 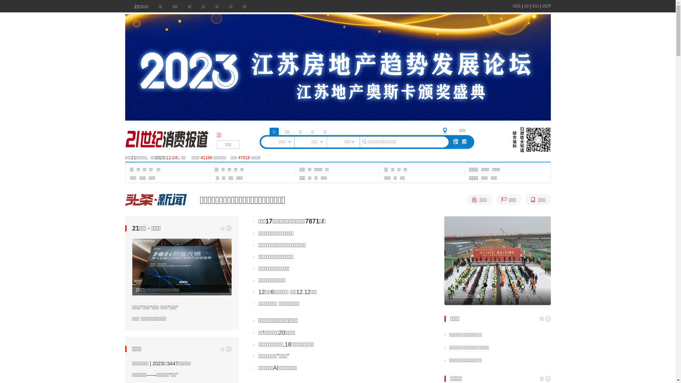 I want to click on '6', so click(x=517, y=285).